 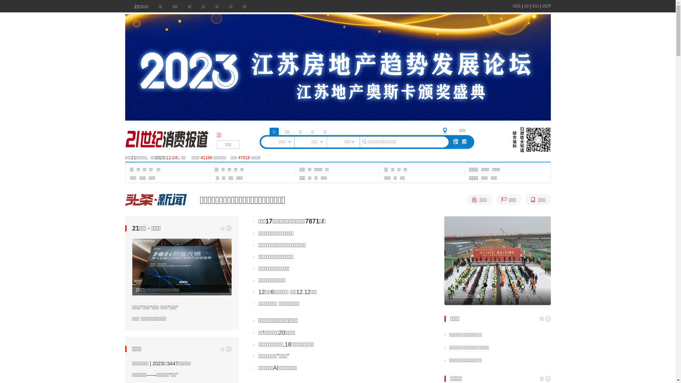 I want to click on '6', so click(x=517, y=285).